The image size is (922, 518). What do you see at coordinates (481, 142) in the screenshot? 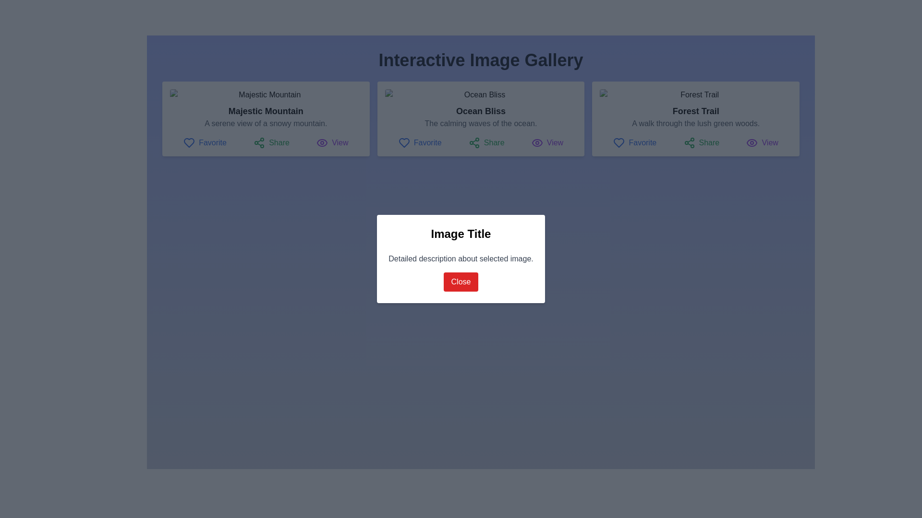
I see `the 'Share' button located in the toolbar of the 'Ocean Bliss' card, which is positioned beneath the description text and above the bottom edge of its card` at bounding box center [481, 142].